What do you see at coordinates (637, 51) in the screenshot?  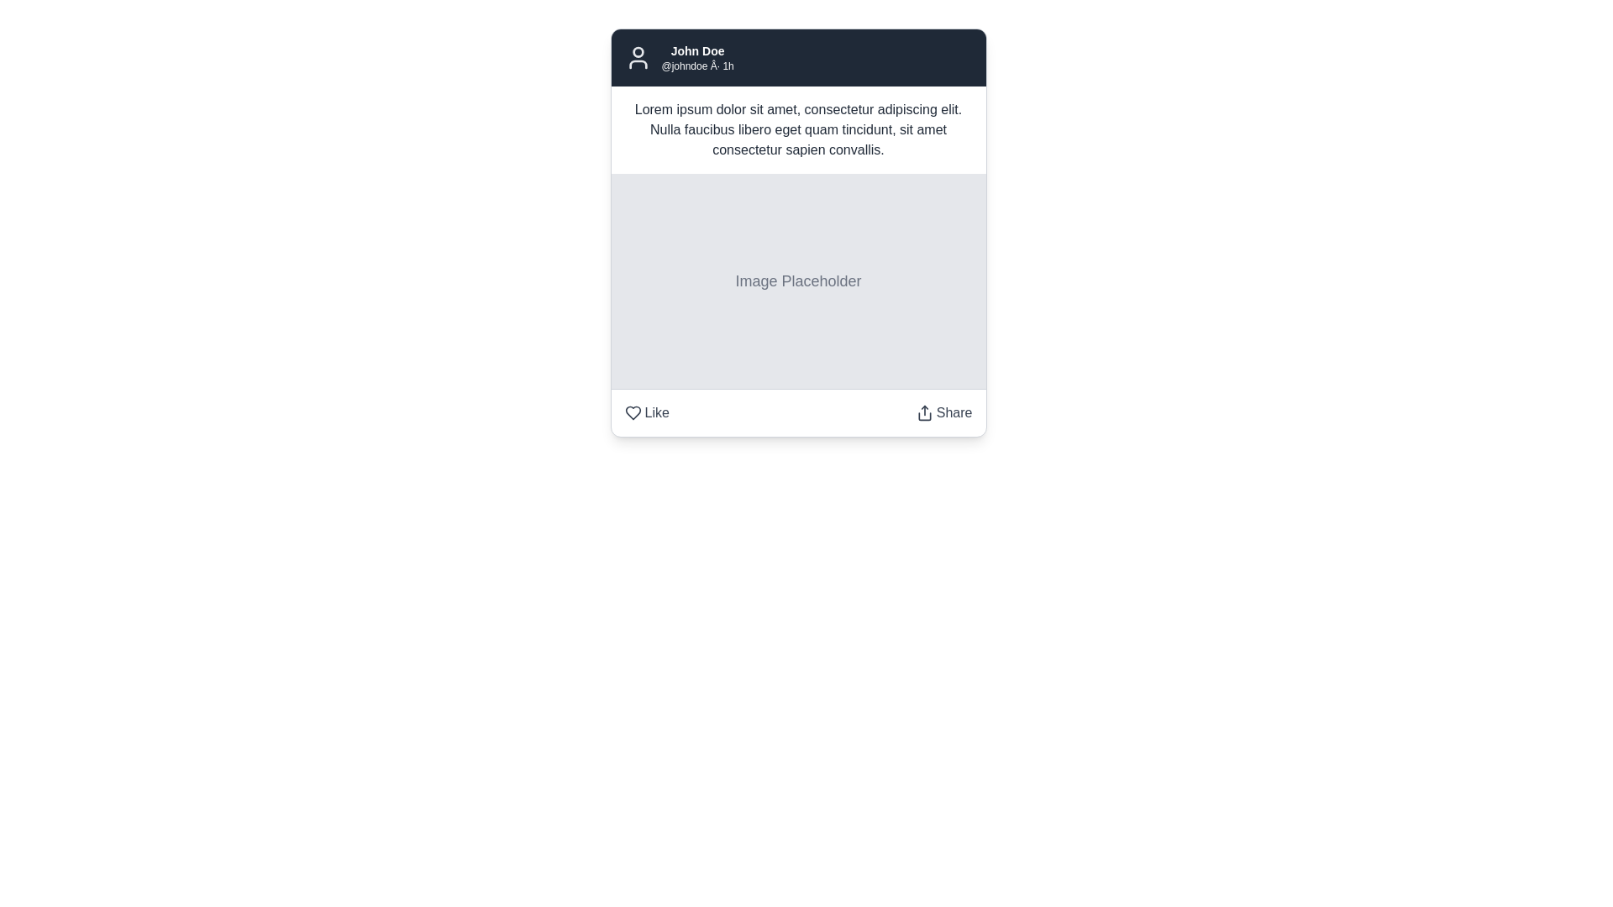 I see `the decorative SVG Circle located at the top-left corner of the user profile icon, which is part of the user profile representation` at bounding box center [637, 51].